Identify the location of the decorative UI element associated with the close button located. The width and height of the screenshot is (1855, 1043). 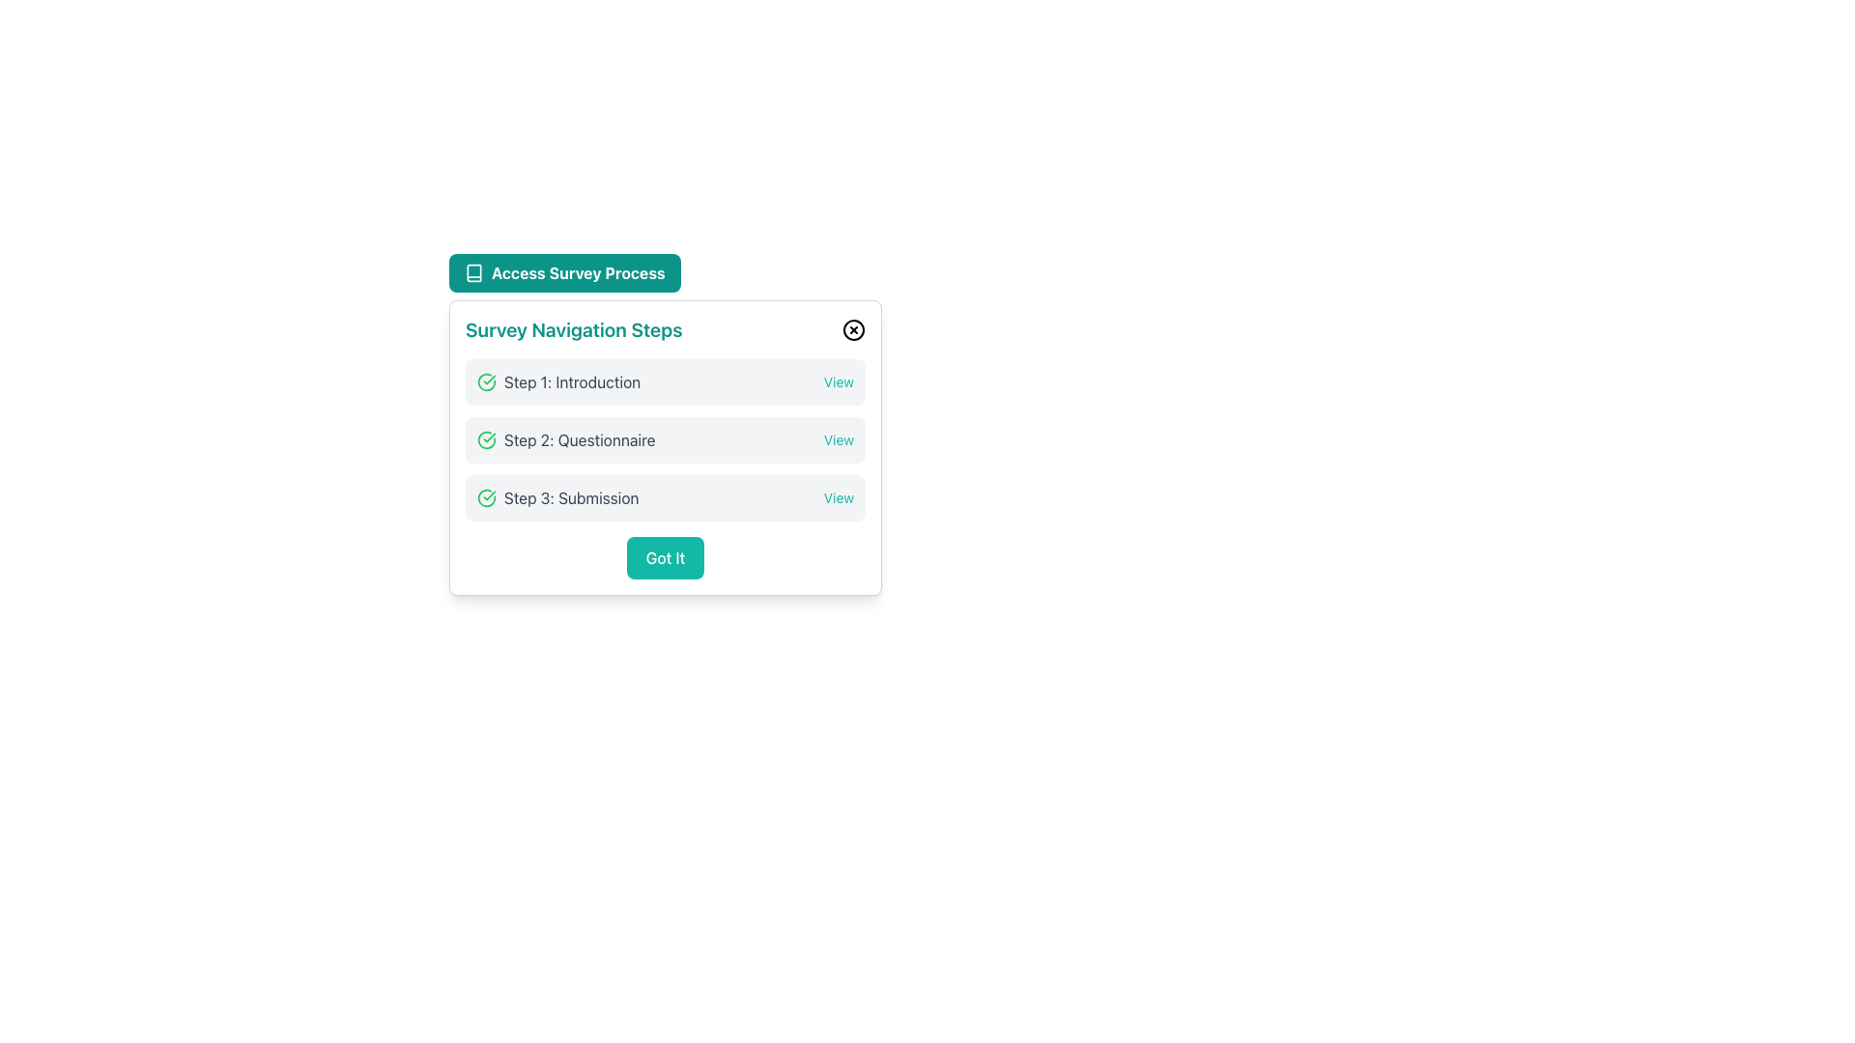
(852, 329).